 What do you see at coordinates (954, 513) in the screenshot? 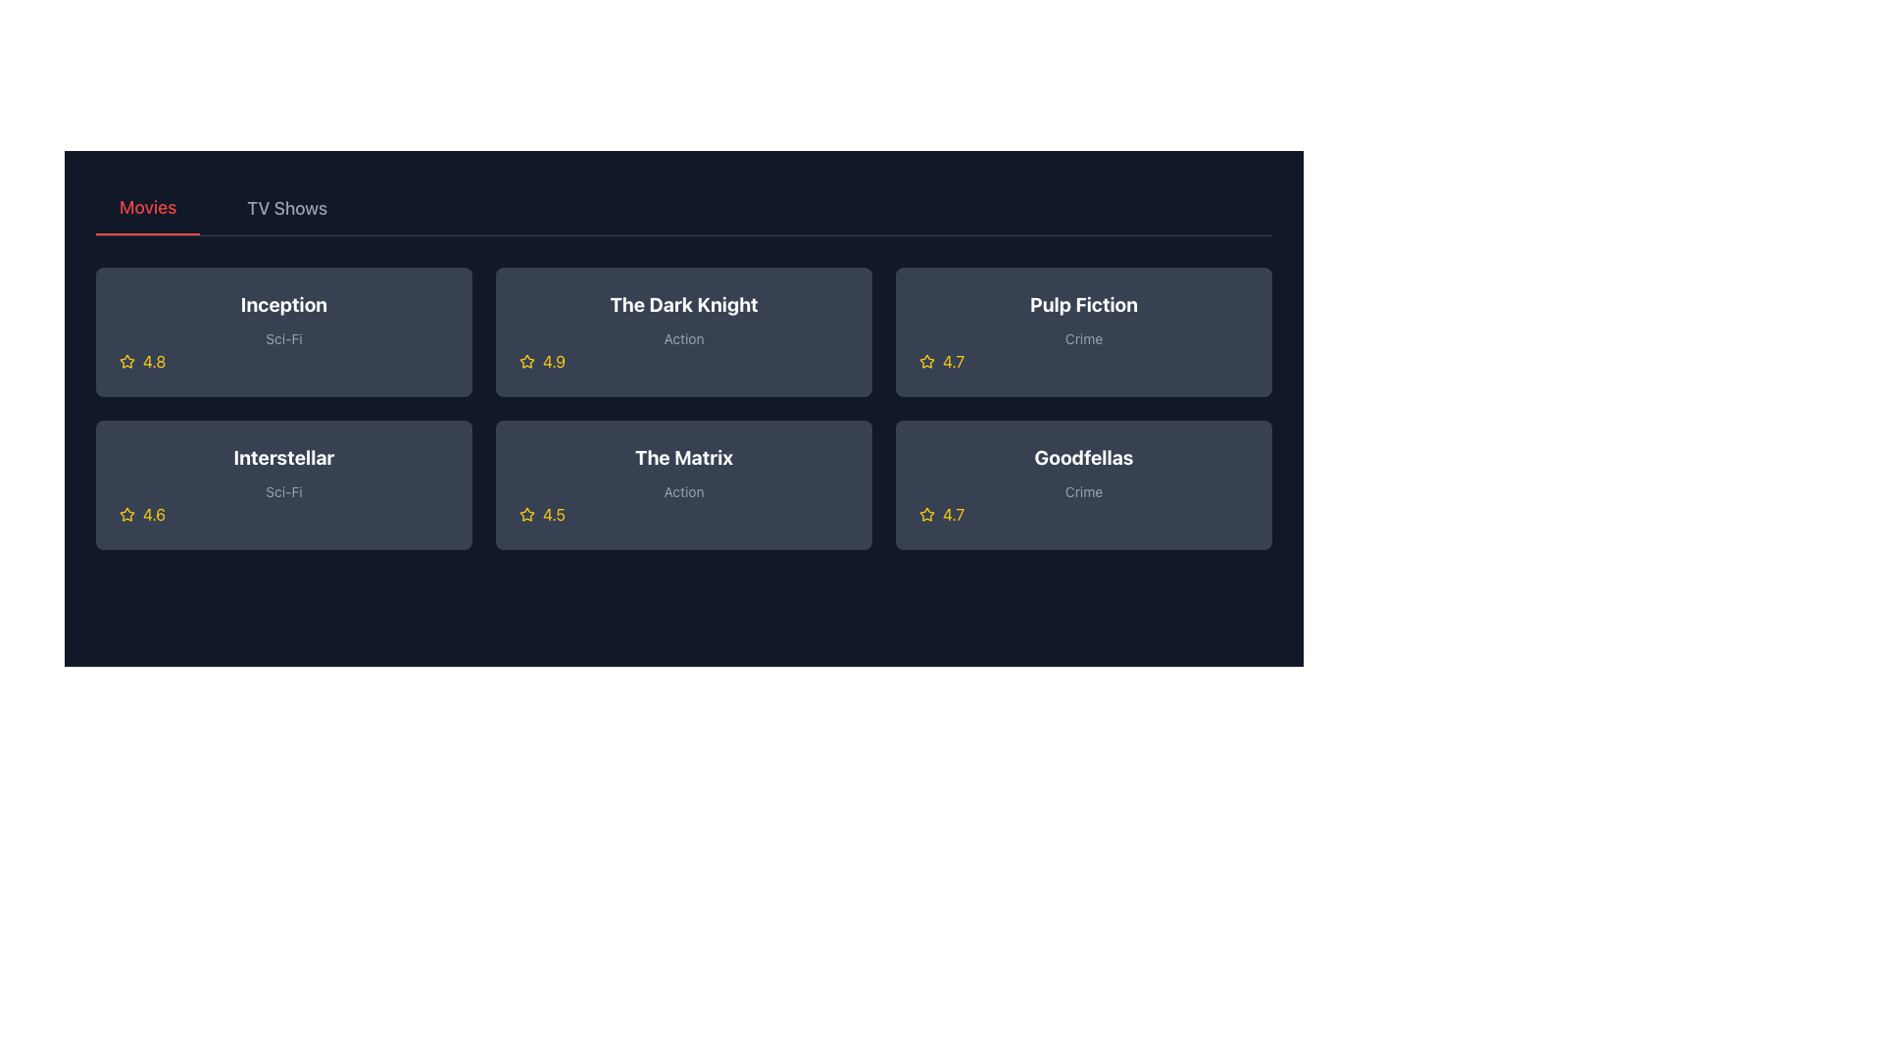
I see `numerical text '4.7' styled in yellow, located in the bottom right corner of the 'Goodfellas' movie card, next to the star rating icon` at bounding box center [954, 513].